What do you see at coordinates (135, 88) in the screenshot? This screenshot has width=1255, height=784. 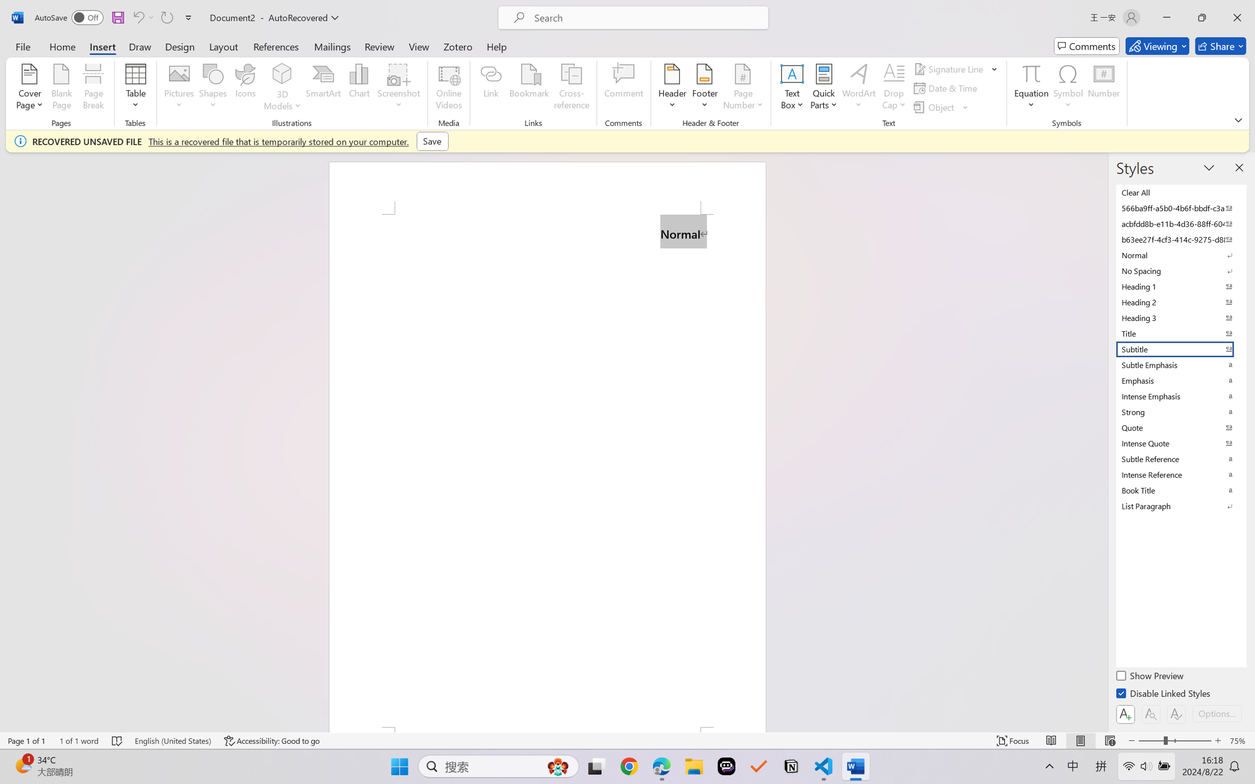 I see `'Table'` at bounding box center [135, 88].